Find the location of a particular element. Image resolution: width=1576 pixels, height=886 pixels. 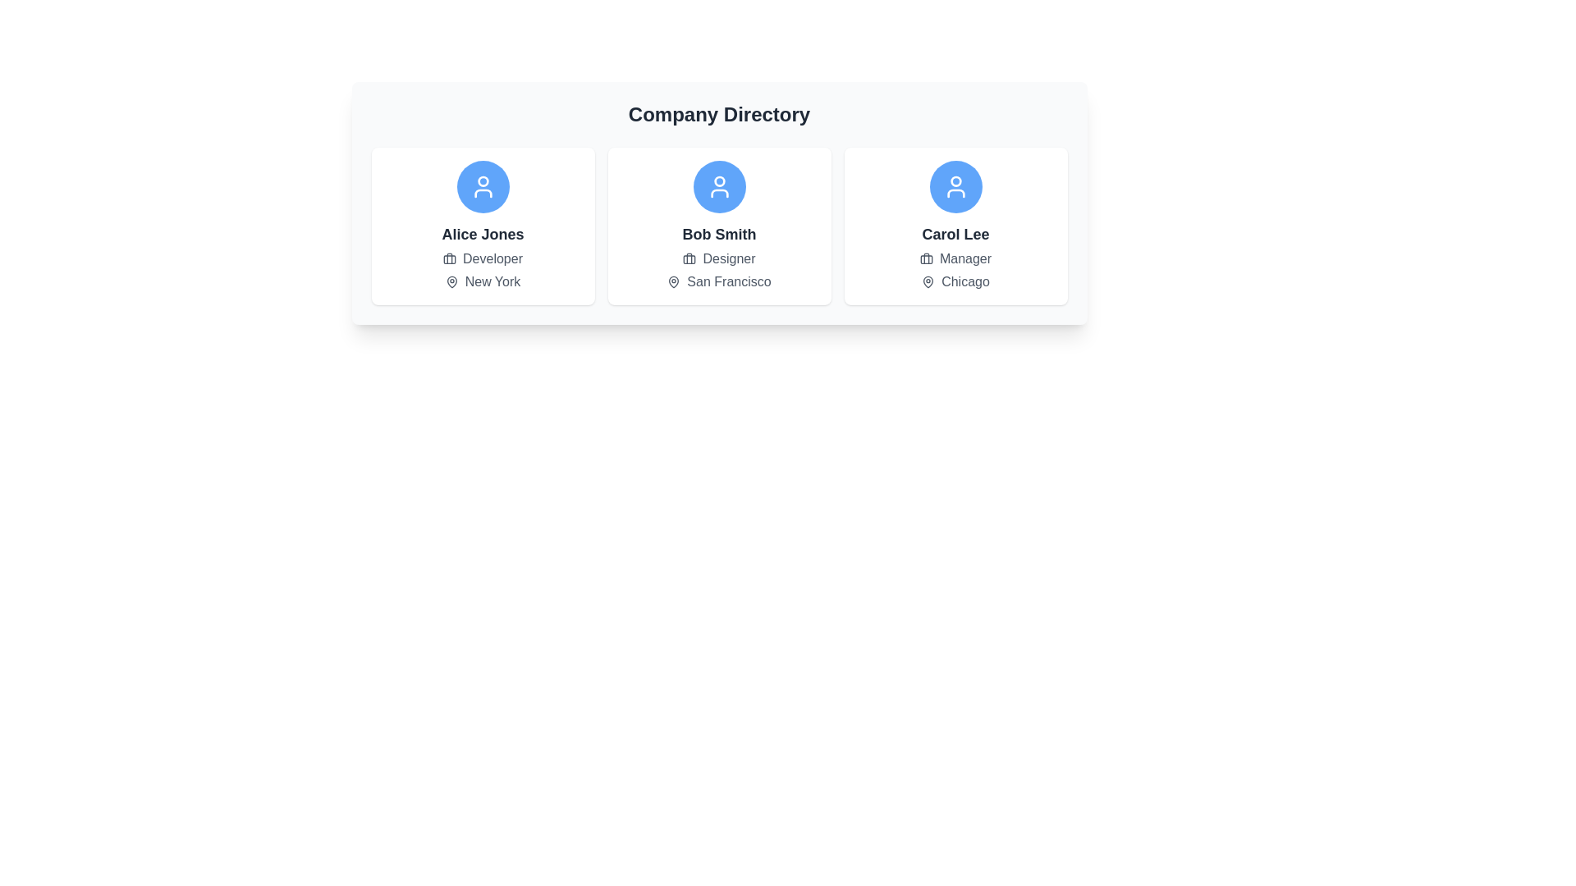

the text label 'Manager' with the briefcase icon, located under 'Carol Lee' and above 'Chicago' in the 'Company Directory' section is located at coordinates (955, 258).